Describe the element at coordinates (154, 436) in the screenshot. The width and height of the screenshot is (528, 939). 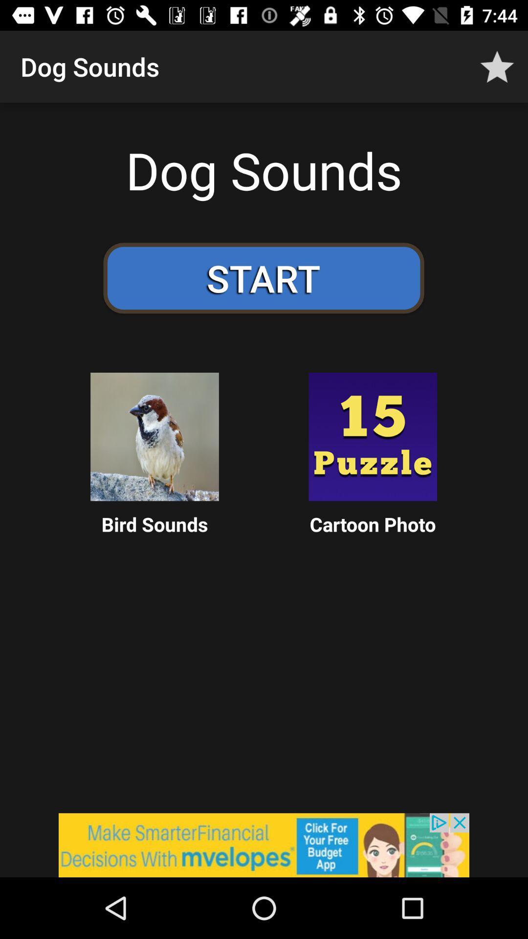
I see `the box` at that location.